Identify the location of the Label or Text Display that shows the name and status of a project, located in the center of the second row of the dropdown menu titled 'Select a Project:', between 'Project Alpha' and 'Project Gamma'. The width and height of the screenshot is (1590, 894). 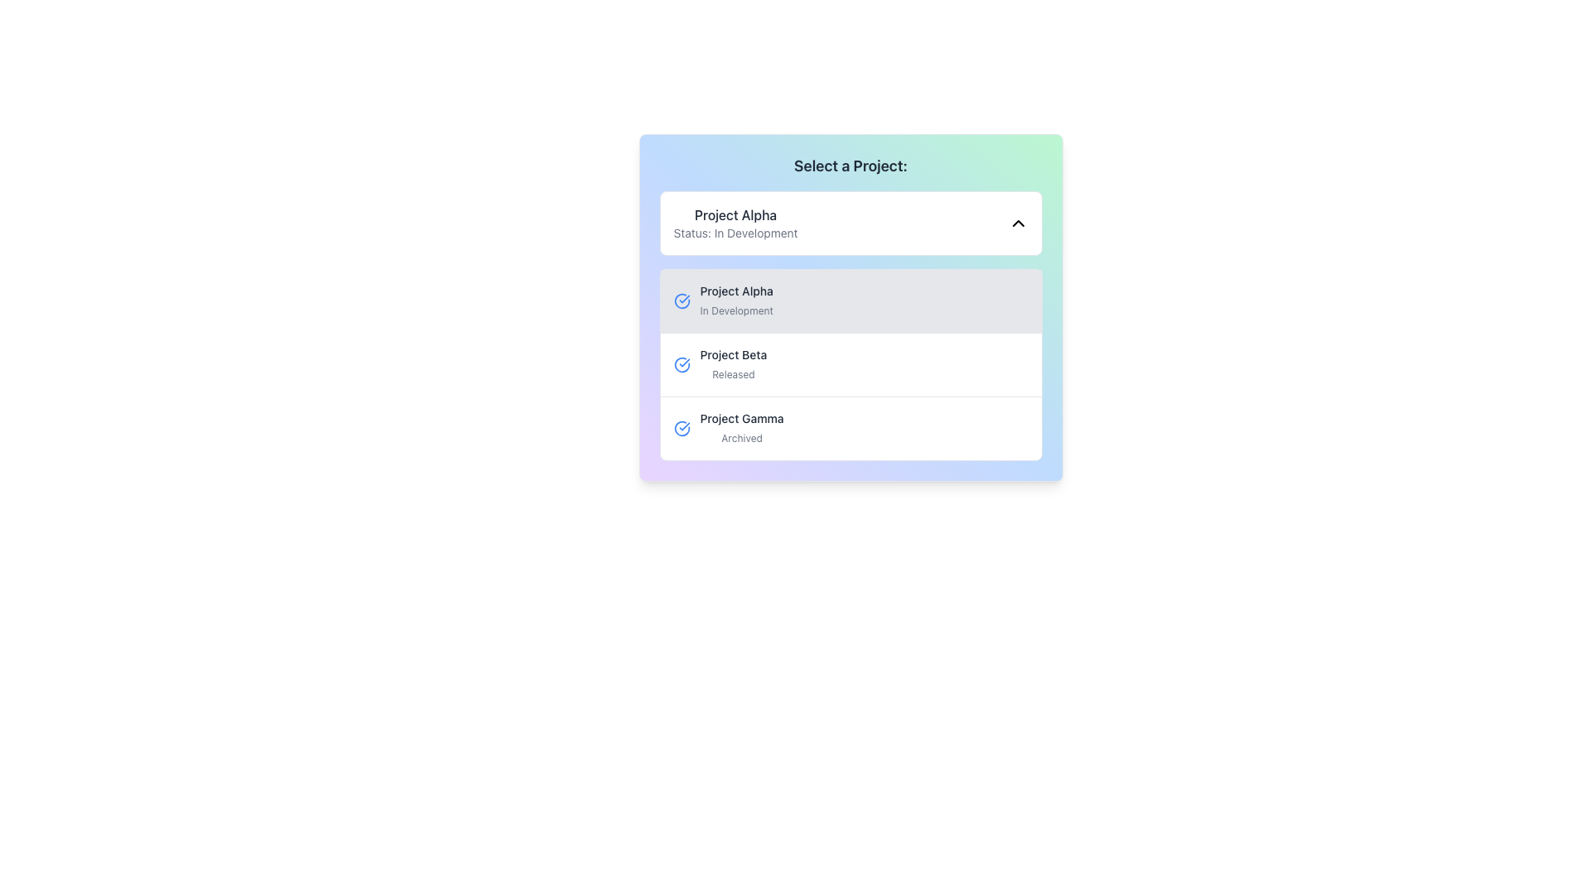
(732, 363).